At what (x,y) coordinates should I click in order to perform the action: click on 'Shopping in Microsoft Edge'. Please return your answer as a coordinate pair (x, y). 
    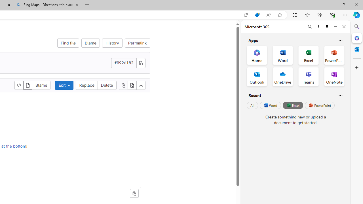
    Looking at the image, I should click on (257, 15).